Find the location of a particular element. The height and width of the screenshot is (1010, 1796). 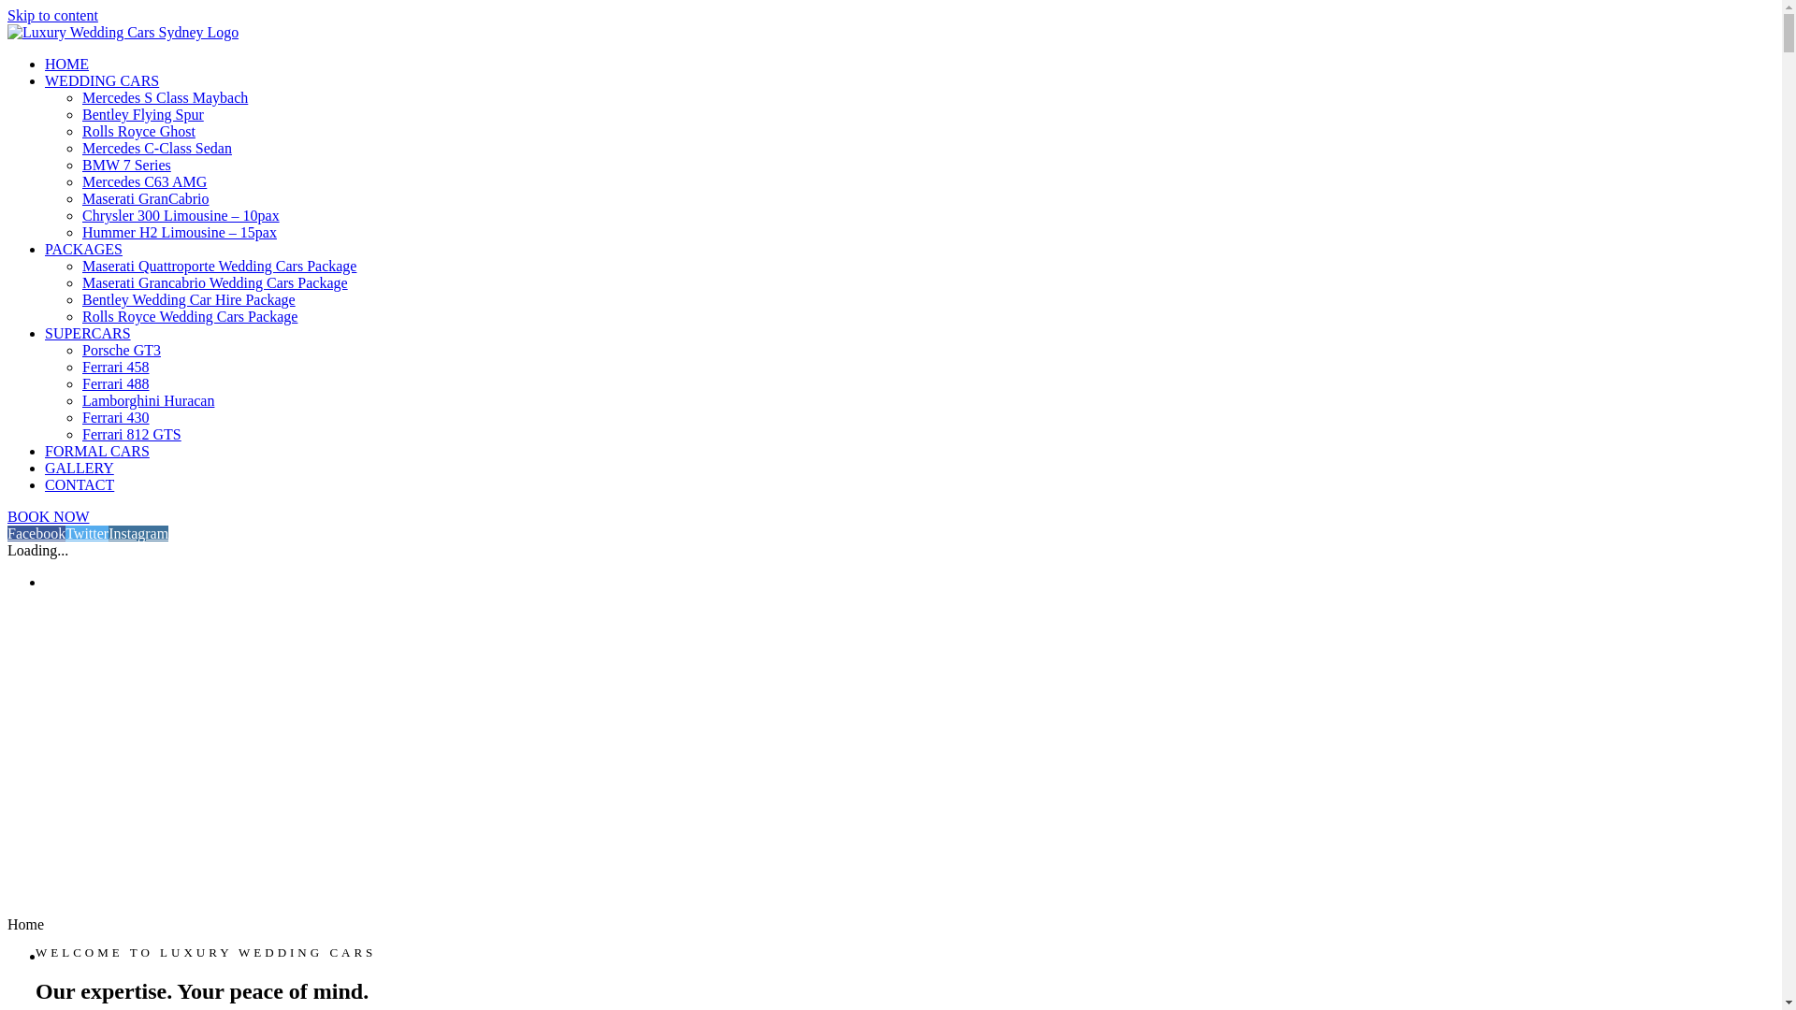

'BOOK NOW' is located at coordinates (49, 516).